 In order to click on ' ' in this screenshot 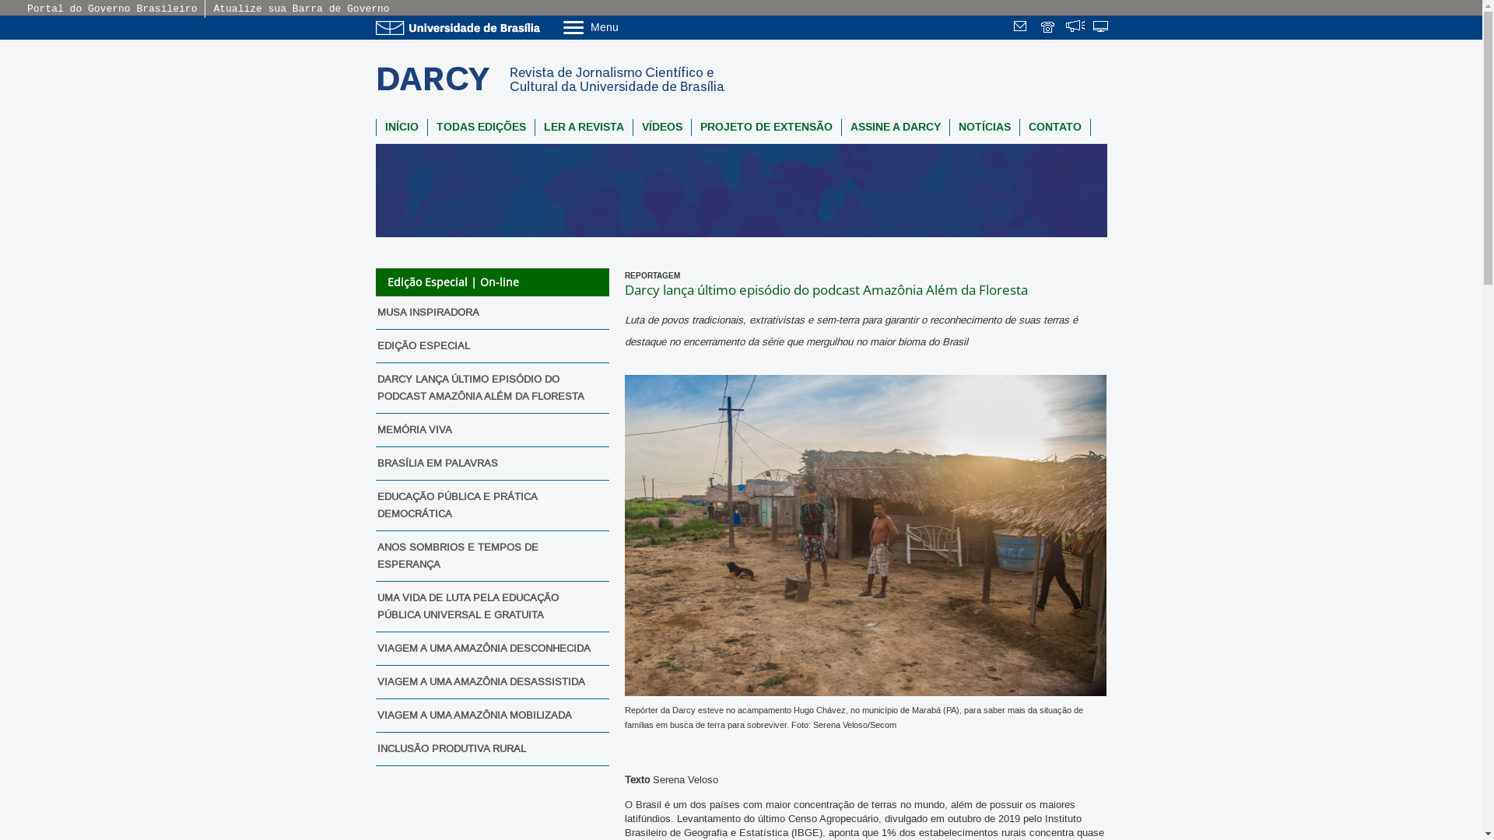, I will do `click(1049, 28)`.